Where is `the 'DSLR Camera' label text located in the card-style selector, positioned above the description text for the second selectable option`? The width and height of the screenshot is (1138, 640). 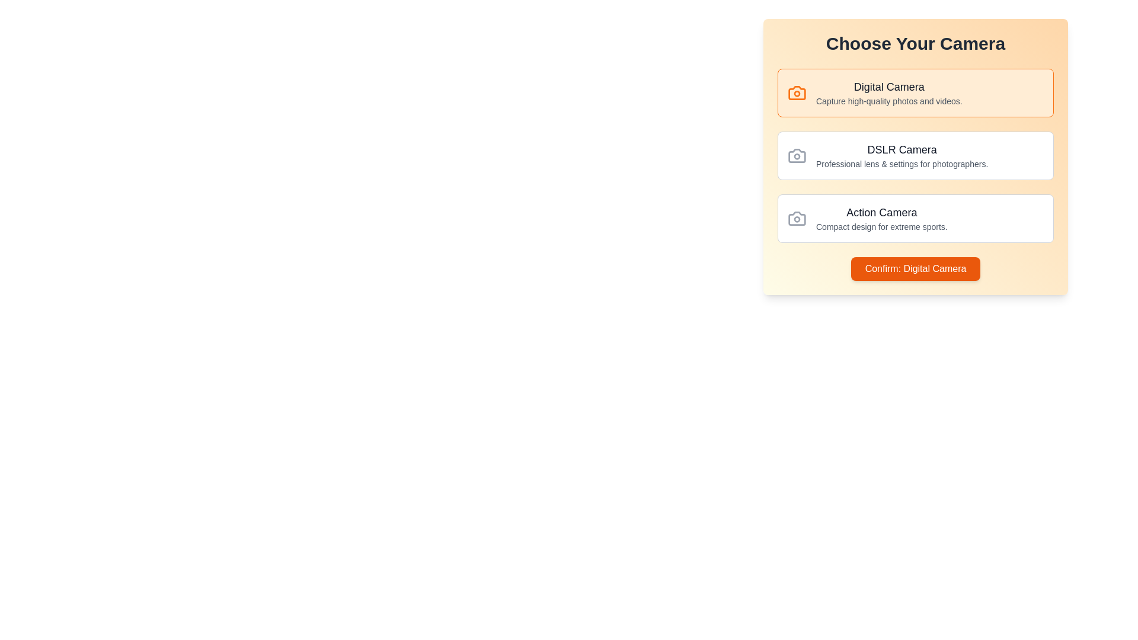 the 'DSLR Camera' label text located in the card-style selector, positioned above the description text for the second selectable option is located at coordinates (902, 149).